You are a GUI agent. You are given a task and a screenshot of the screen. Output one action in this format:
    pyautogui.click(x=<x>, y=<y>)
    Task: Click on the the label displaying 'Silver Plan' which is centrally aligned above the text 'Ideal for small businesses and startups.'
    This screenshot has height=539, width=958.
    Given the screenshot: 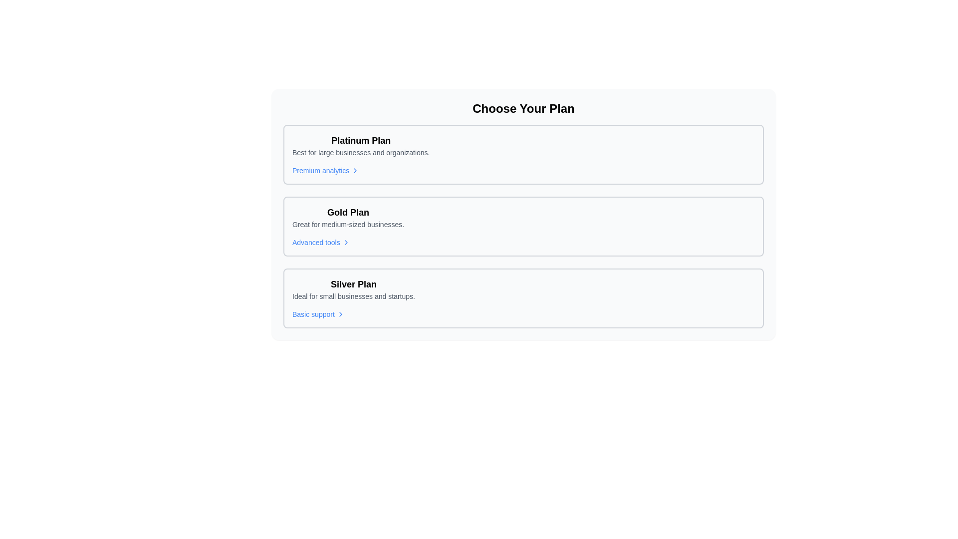 What is the action you would take?
    pyautogui.click(x=353, y=289)
    